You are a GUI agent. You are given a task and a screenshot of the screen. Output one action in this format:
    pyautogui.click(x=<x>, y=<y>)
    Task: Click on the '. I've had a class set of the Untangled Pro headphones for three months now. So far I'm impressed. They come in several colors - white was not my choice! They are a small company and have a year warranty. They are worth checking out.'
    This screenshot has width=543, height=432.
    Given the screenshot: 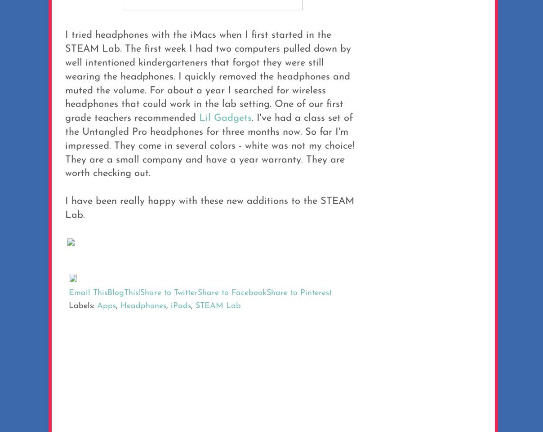 What is the action you would take?
    pyautogui.click(x=64, y=145)
    